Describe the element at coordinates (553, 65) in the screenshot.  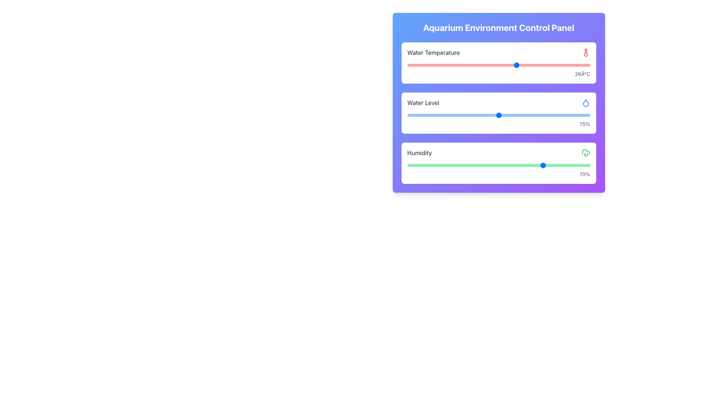
I see `temperature` at that location.